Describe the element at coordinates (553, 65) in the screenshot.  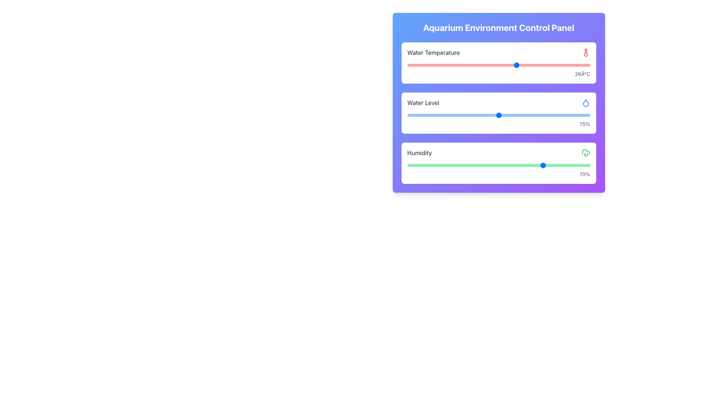
I see `temperature` at that location.